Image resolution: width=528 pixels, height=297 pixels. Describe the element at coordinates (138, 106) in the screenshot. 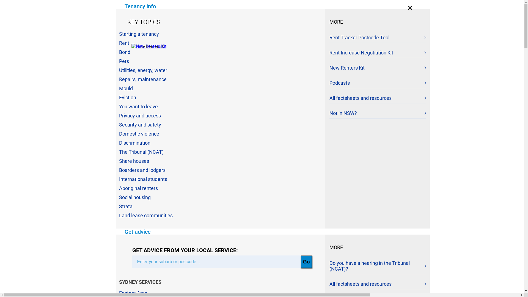

I see `'You want to leave'` at that location.